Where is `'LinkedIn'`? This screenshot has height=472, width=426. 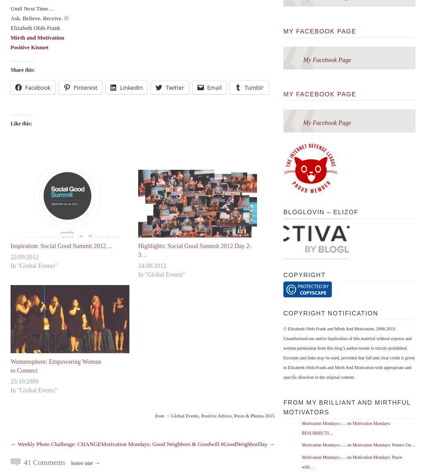 'LinkedIn' is located at coordinates (131, 87).